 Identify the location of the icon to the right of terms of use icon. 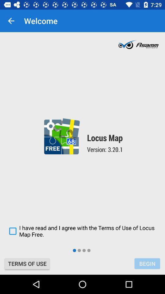
(147, 263).